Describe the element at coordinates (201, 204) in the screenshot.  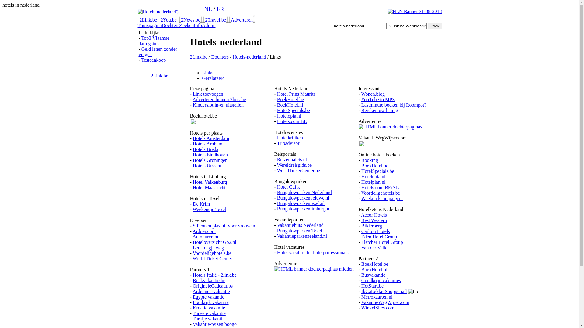
I see `'De Krim'` at that location.